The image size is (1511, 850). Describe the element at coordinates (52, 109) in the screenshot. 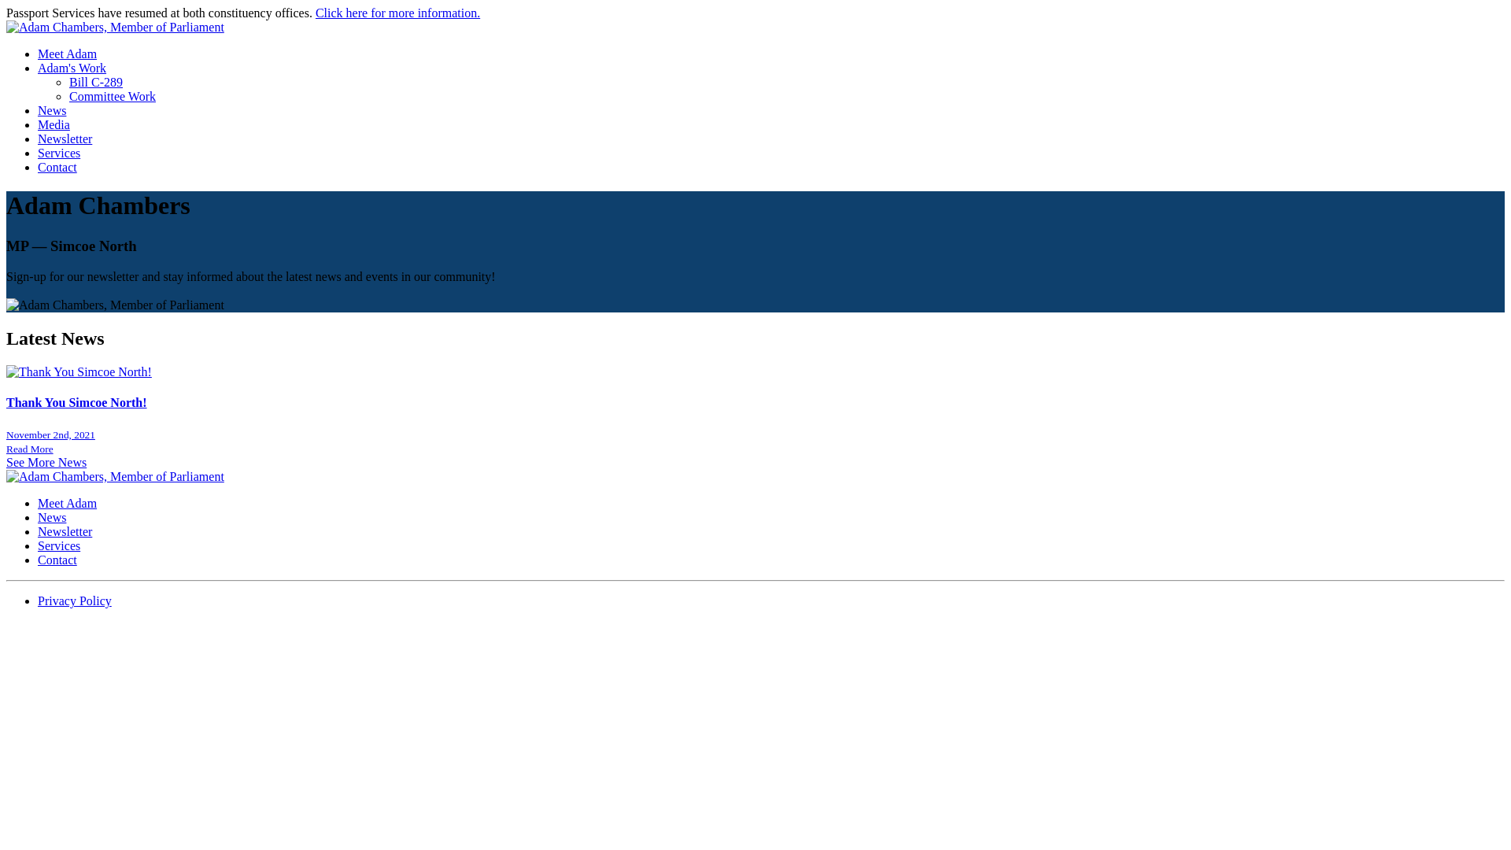

I see `'News'` at that location.